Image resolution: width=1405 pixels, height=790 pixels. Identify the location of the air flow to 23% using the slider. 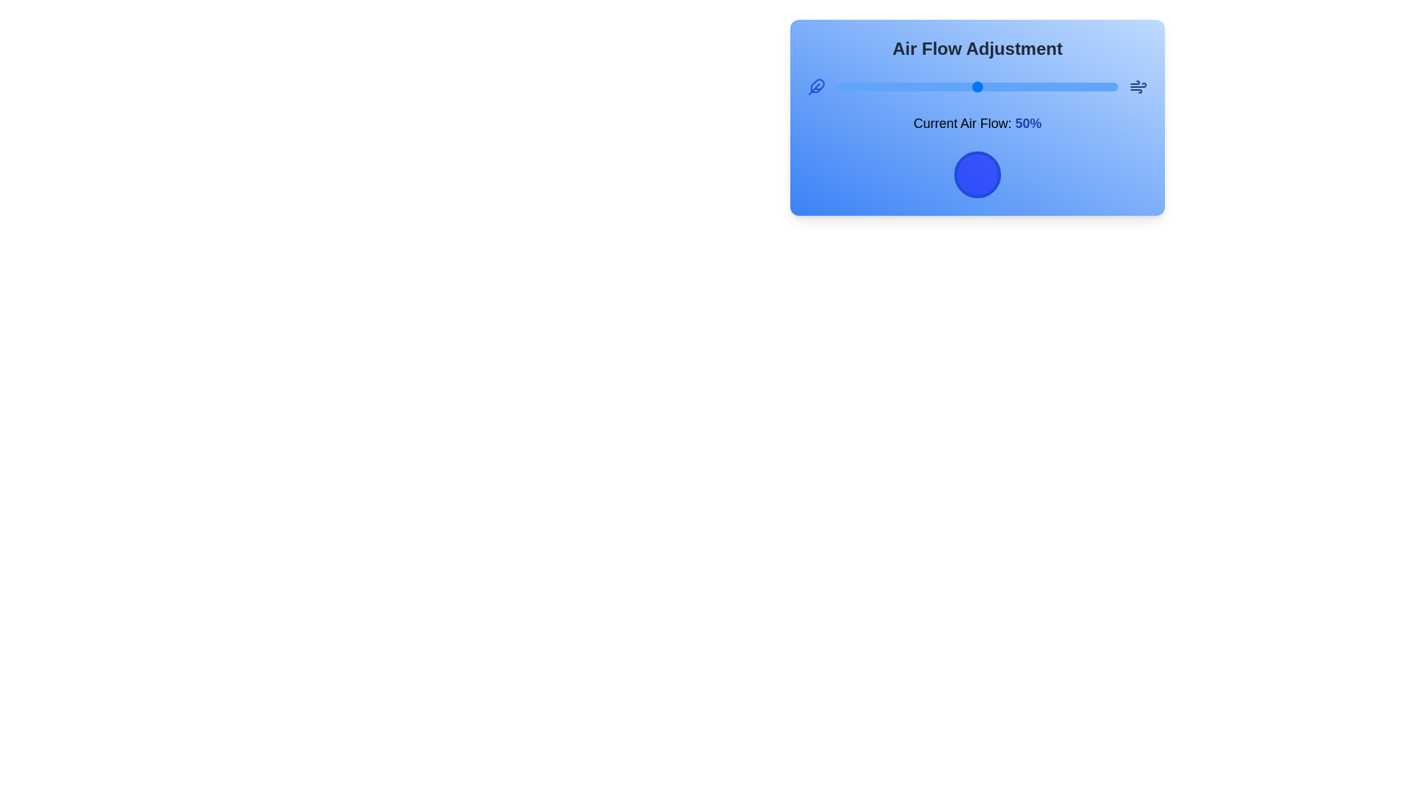
(901, 87).